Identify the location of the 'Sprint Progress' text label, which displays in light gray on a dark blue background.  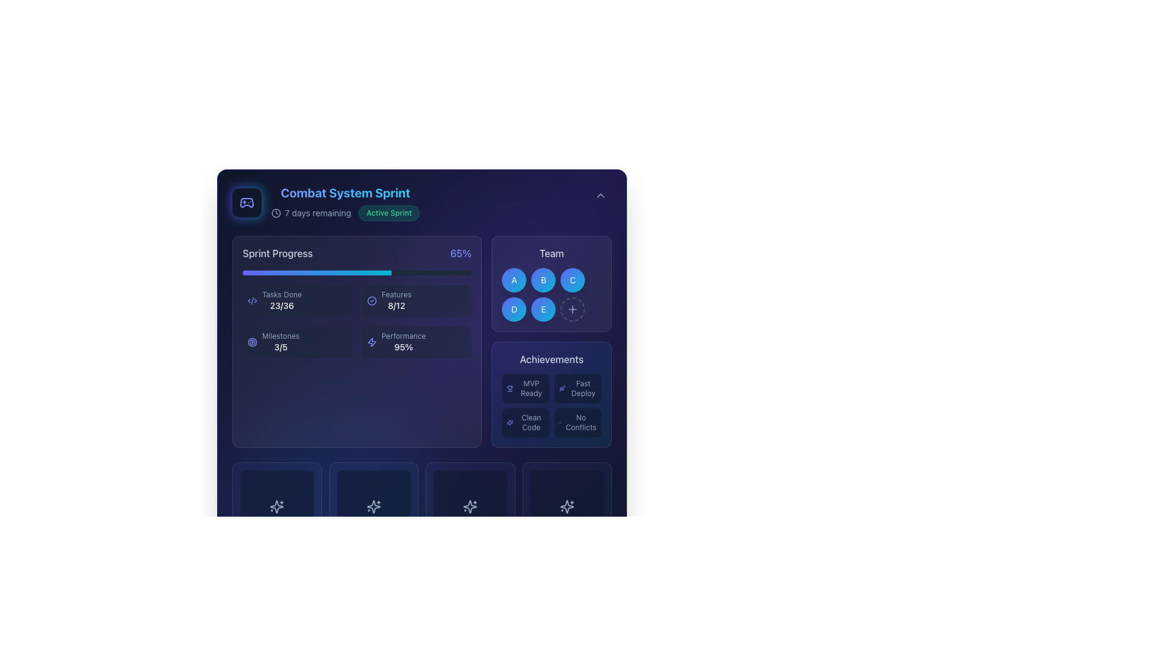
(277, 253).